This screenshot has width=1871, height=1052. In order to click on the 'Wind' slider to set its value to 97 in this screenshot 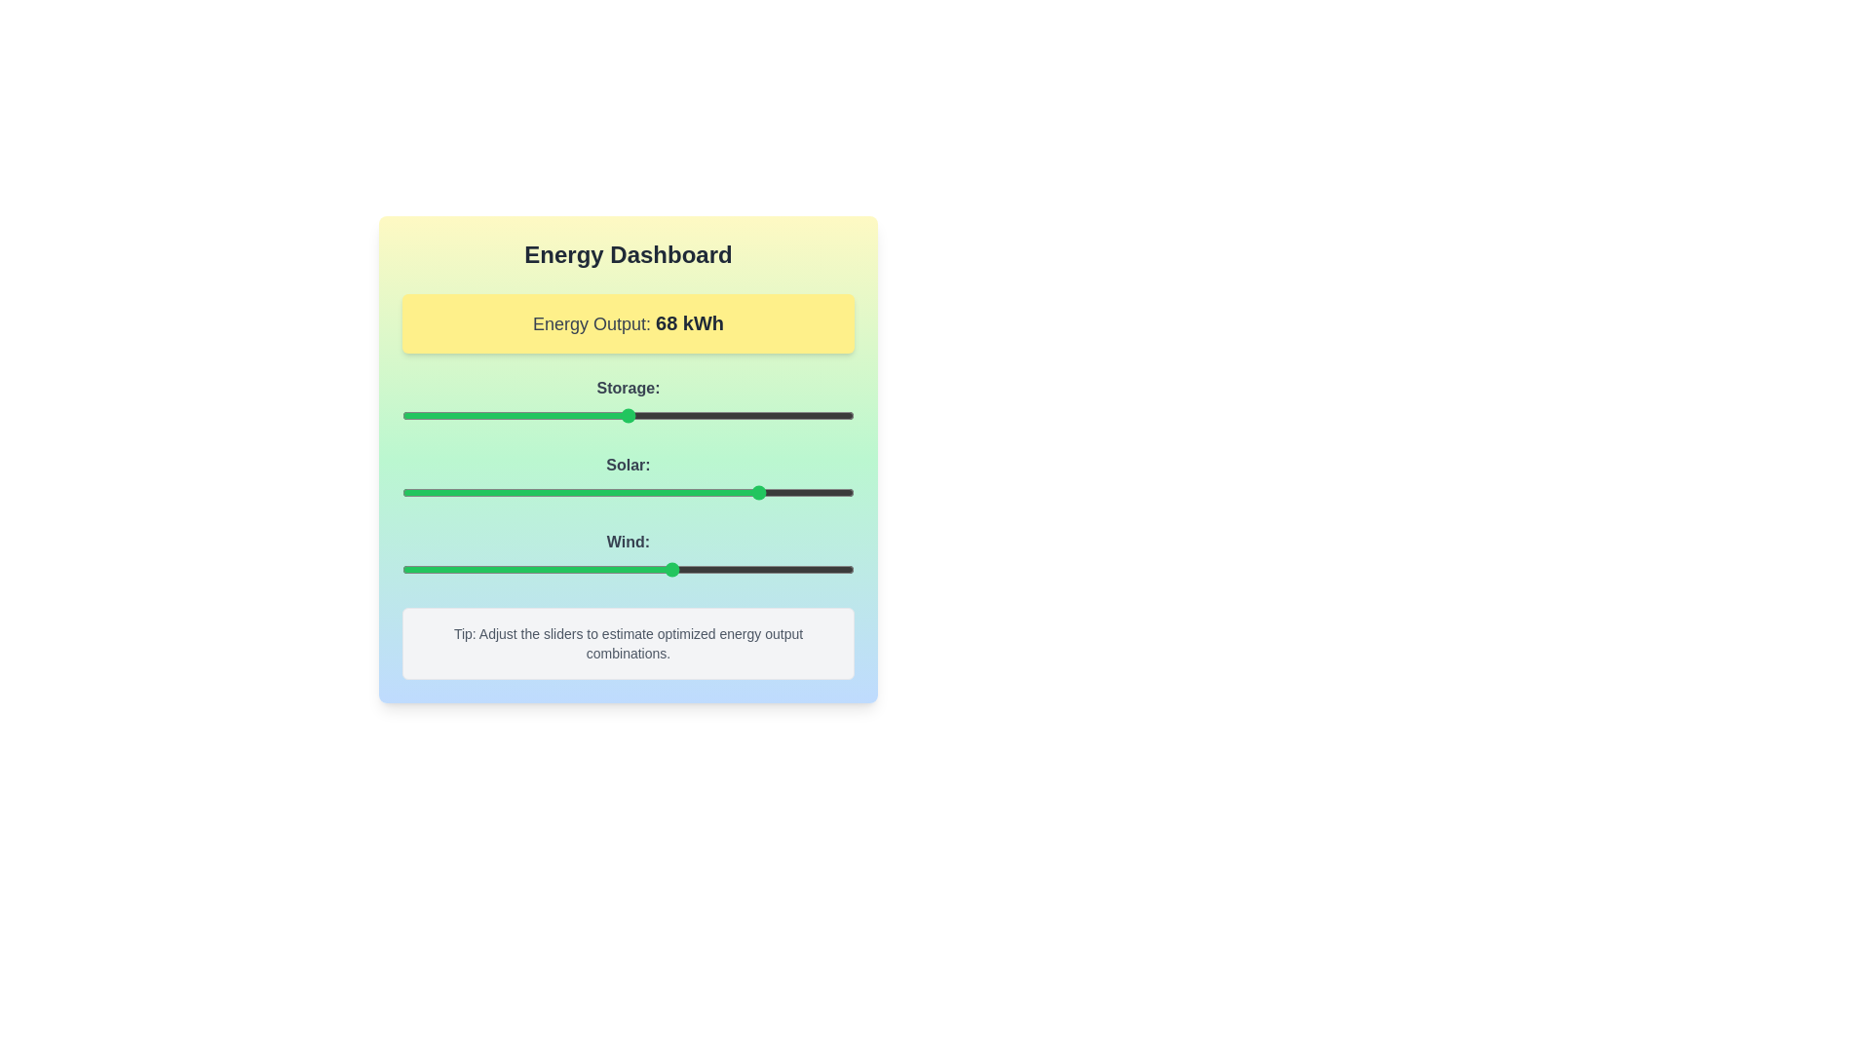, I will do `click(841, 570)`.